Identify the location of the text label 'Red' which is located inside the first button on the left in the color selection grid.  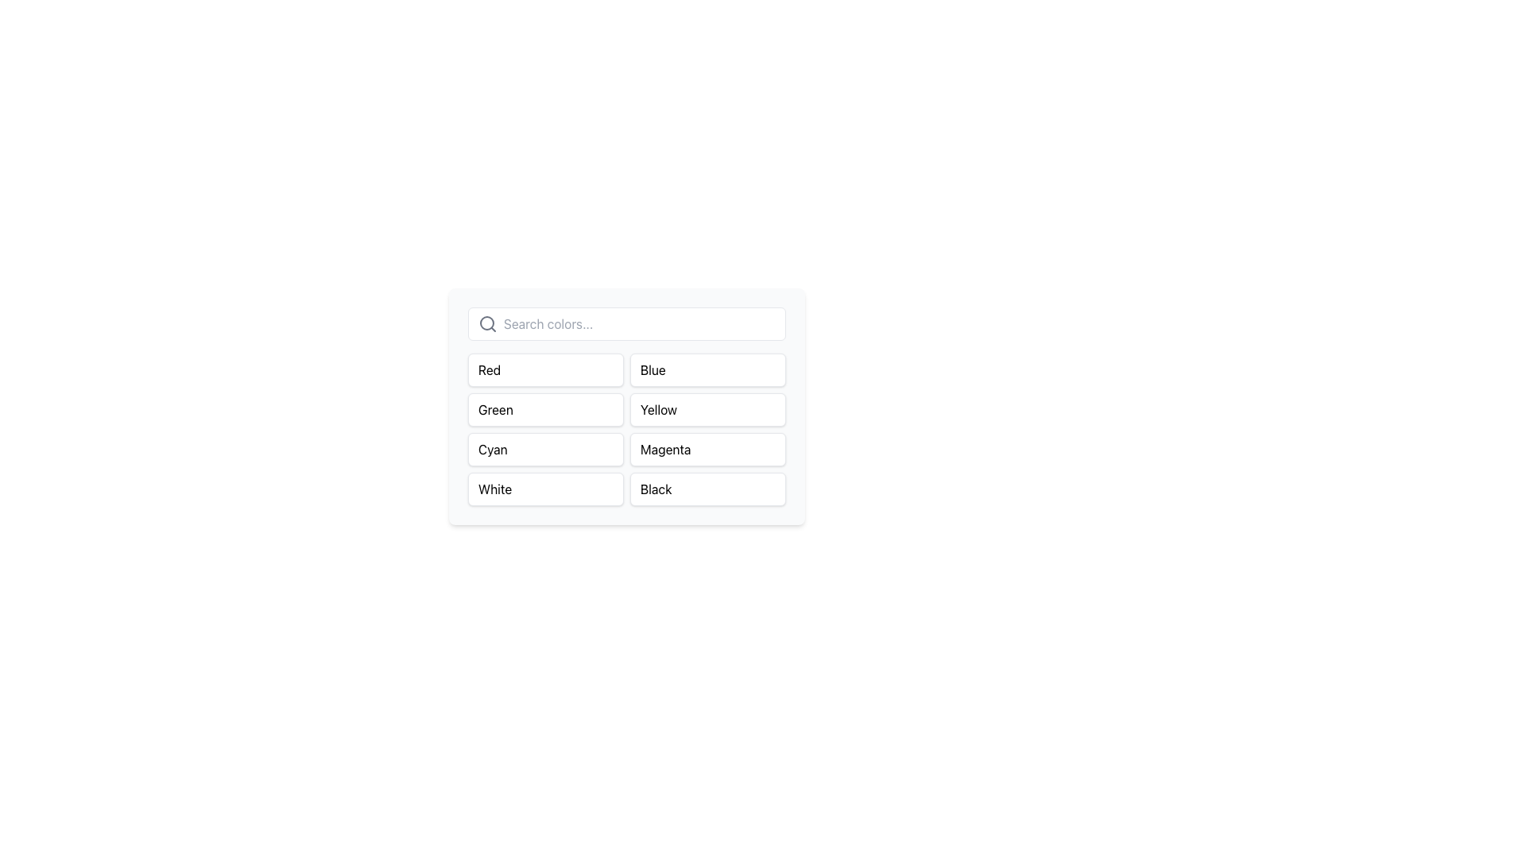
(545, 370).